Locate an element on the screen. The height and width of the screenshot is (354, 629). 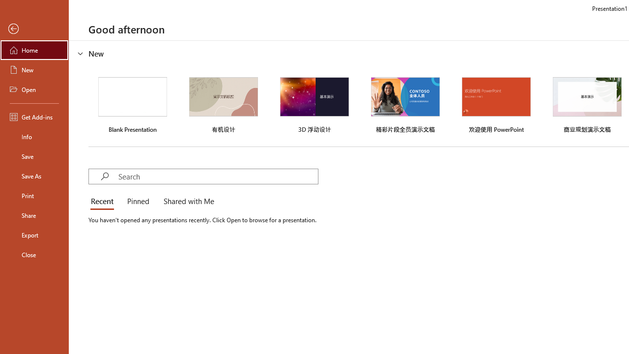
'Info' is located at coordinates (34, 136).